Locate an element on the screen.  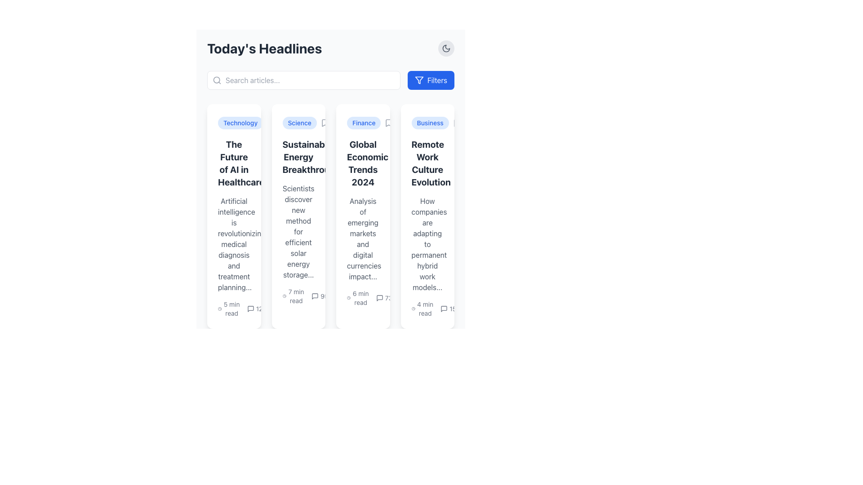
the Engagement metrics display that shows '2.4k' and '342' with eye and thumbs-up icons is located at coordinates (291, 308).